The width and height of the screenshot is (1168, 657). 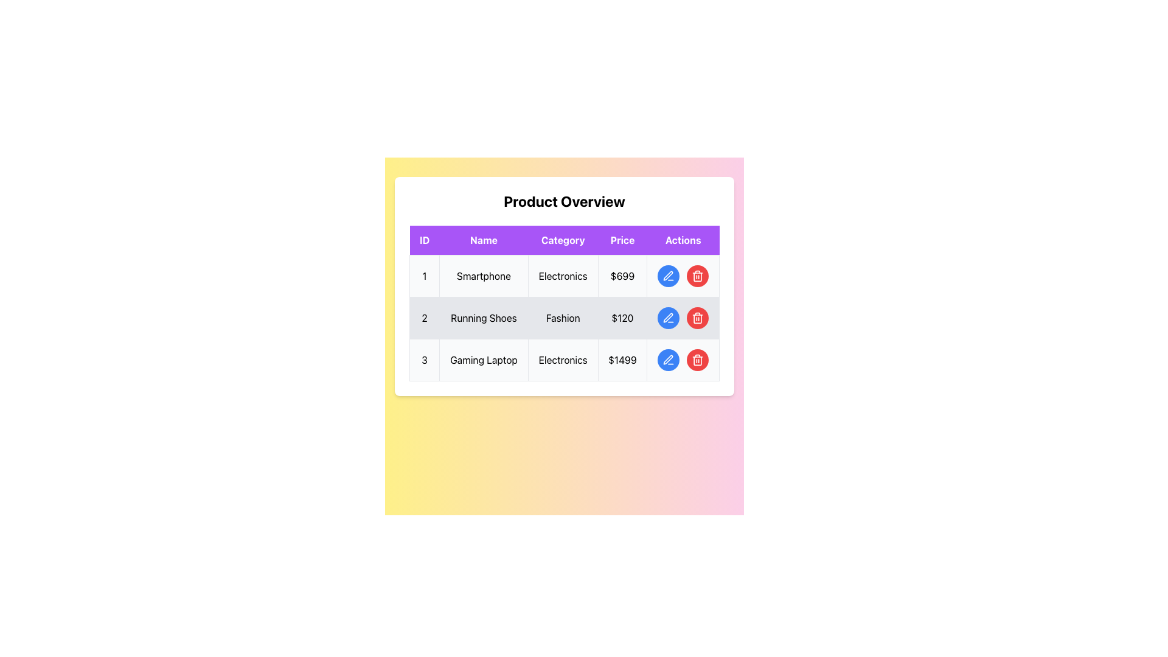 What do you see at coordinates (483, 240) in the screenshot?
I see `the static 'Name' header in the table, which is the second cell in the header row, located between the 'ID' and 'Category' columns` at bounding box center [483, 240].